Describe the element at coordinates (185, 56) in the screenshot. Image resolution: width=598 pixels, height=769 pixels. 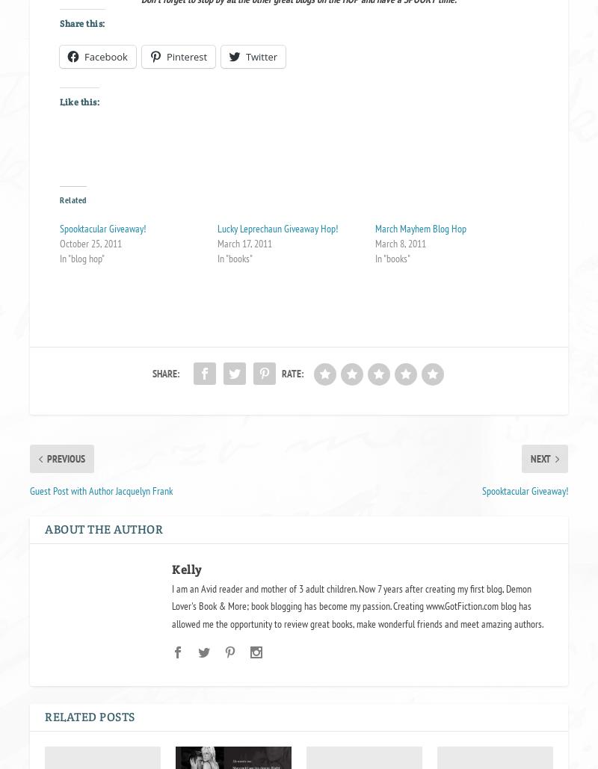
I see `'Pinterest'` at that location.